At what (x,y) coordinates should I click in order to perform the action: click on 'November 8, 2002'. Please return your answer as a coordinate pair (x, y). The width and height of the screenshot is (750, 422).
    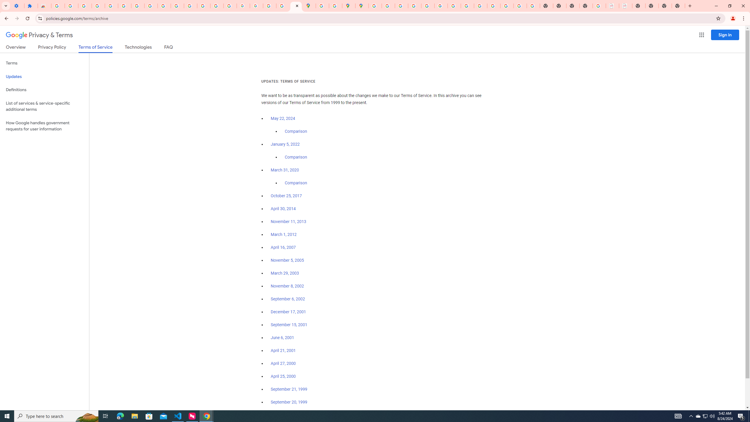
    Looking at the image, I should click on (287, 286).